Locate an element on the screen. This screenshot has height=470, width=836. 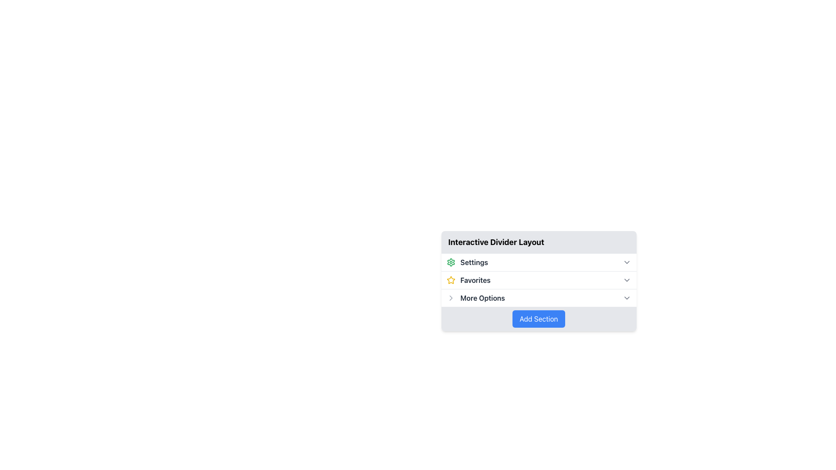
the text label displaying 'Favorites', which is styled with a medium bold font in dark gray and is located next to a yellow star icon in a card layout is located at coordinates (475, 280).